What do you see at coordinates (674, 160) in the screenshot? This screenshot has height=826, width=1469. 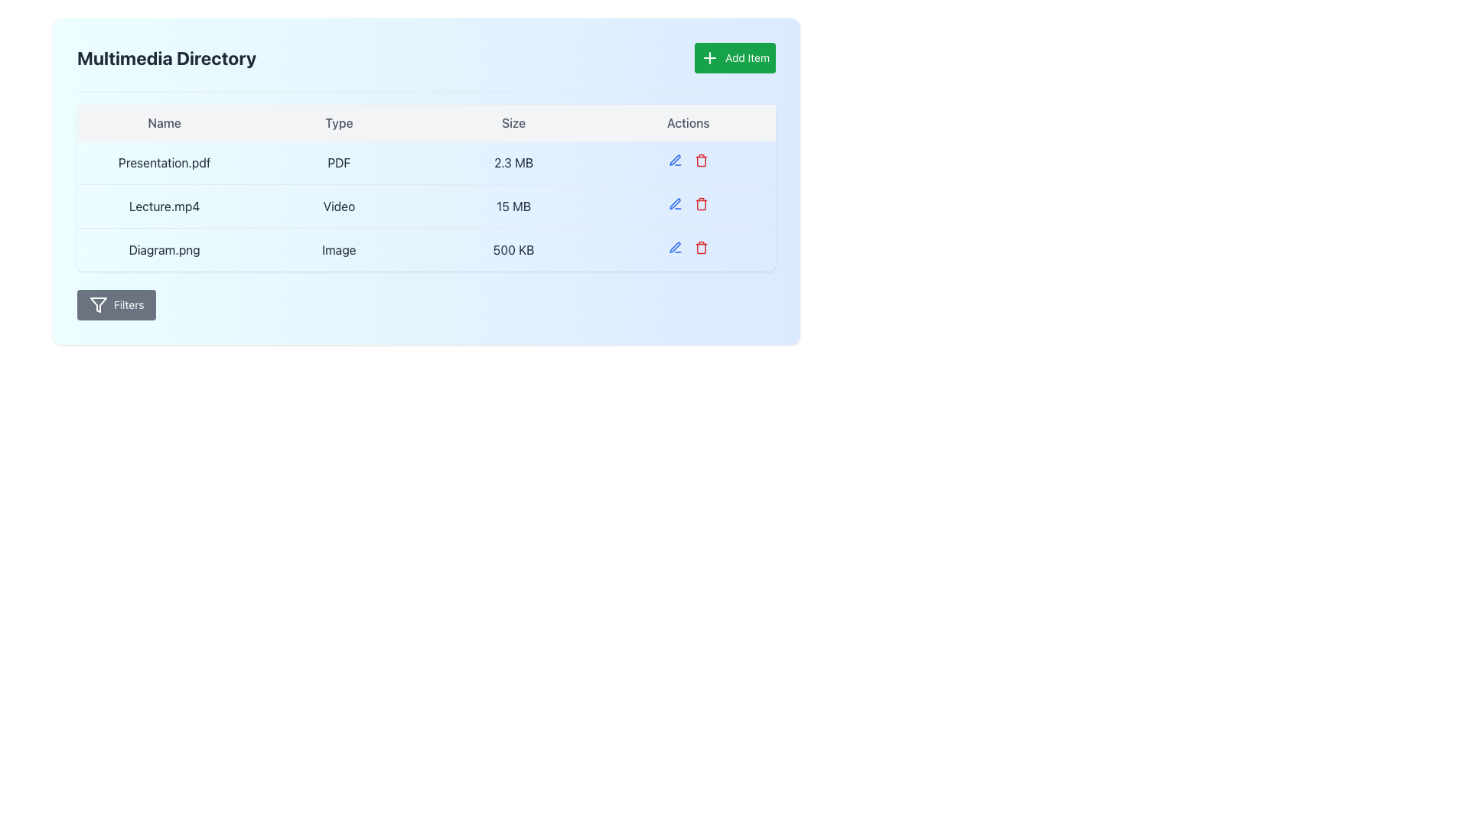 I see `the icon button located` at bounding box center [674, 160].